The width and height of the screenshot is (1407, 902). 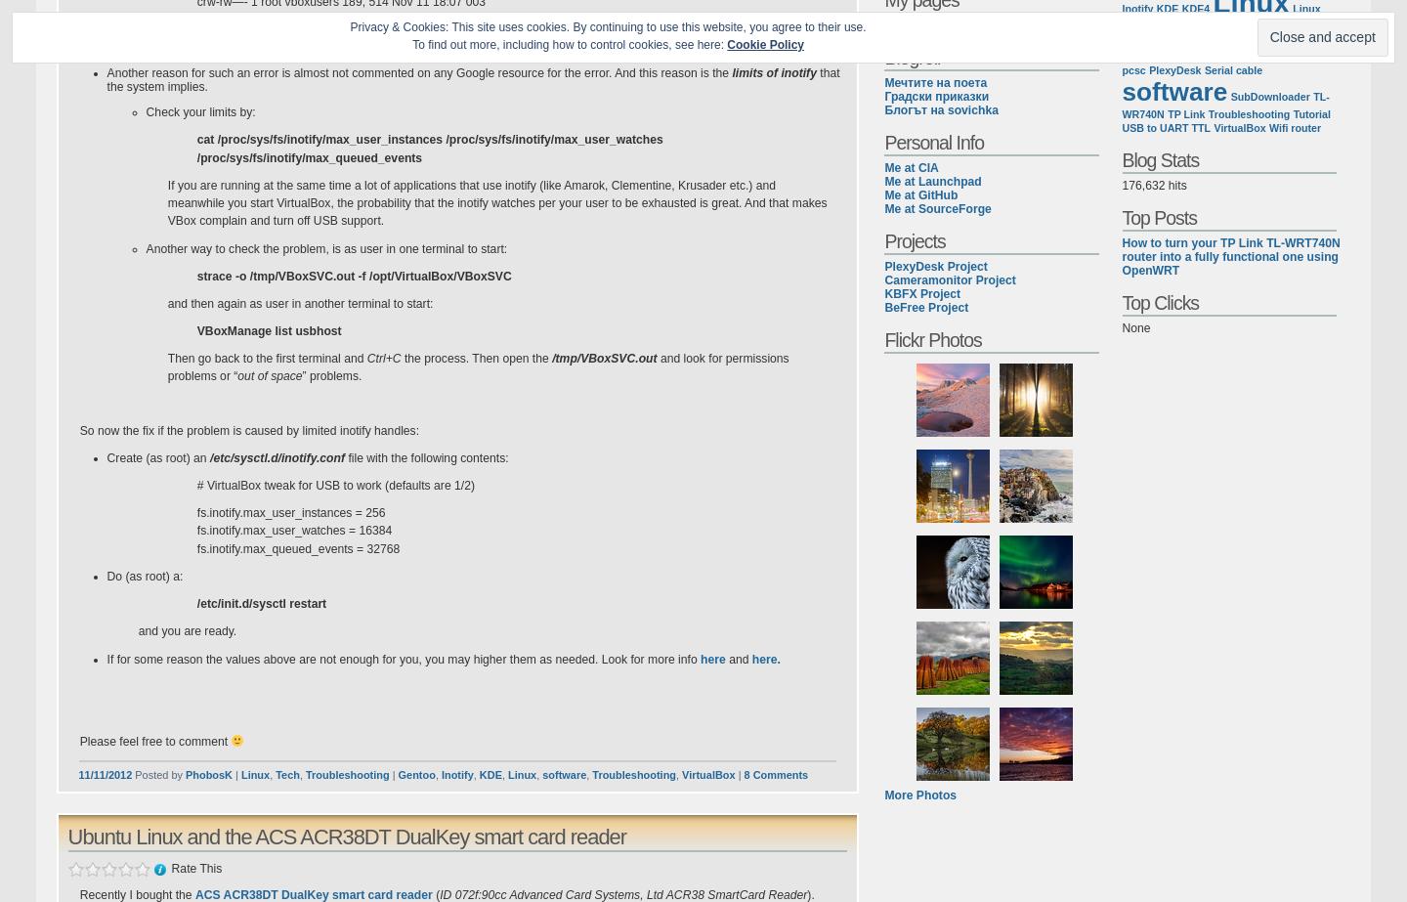 What do you see at coordinates (441, 773) in the screenshot?
I see `'Inotify'` at bounding box center [441, 773].